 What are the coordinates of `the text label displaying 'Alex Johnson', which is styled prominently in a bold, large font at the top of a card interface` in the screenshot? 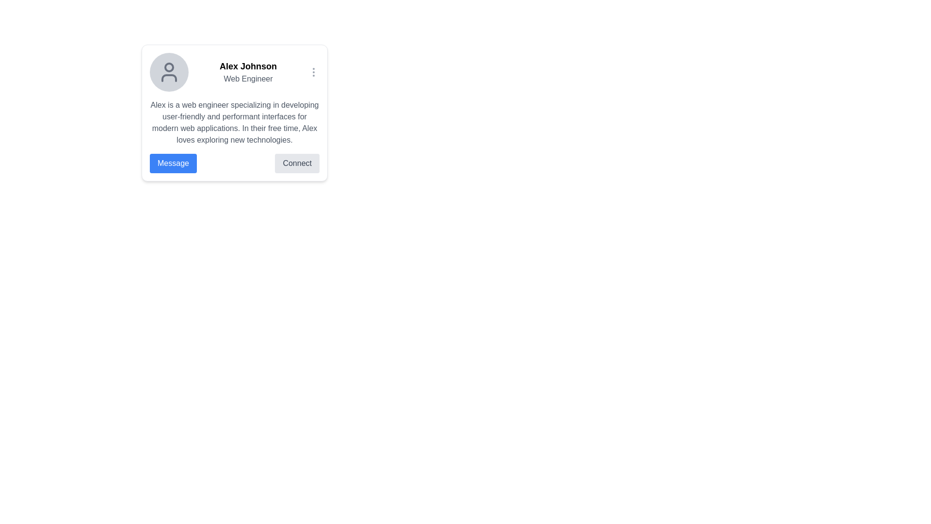 It's located at (248, 66).